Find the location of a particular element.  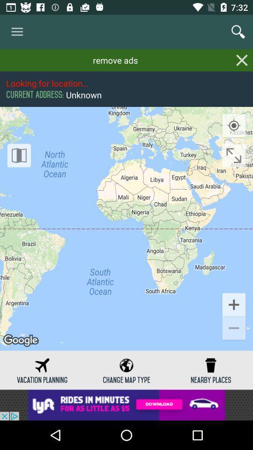

zoom button is located at coordinates (233, 155).